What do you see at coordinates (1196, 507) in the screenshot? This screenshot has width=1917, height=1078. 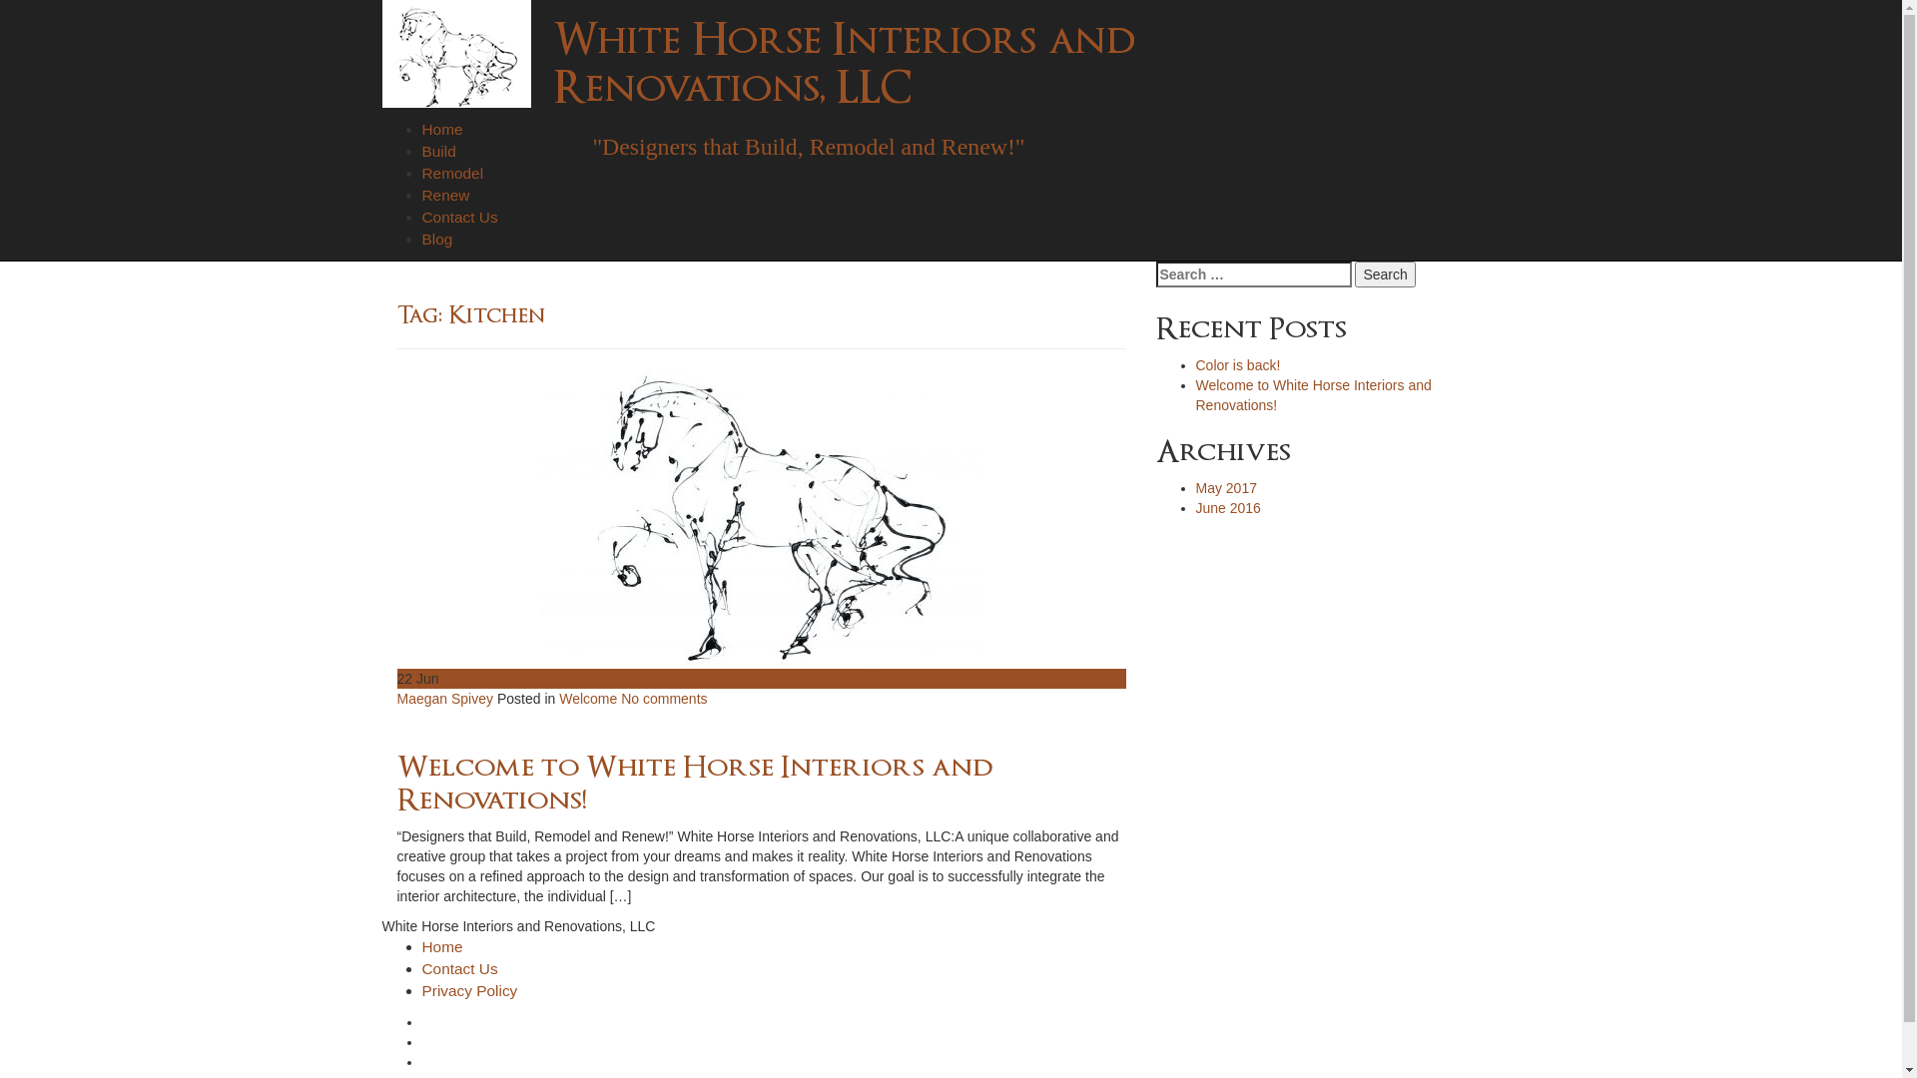 I see `'June 2016'` at bounding box center [1196, 507].